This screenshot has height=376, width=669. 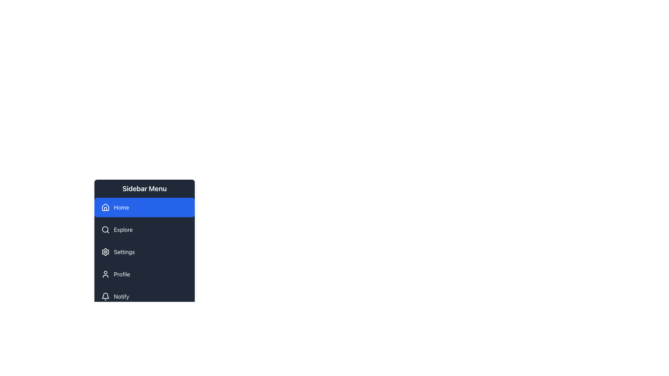 What do you see at coordinates (144, 252) in the screenshot?
I see `the 'Settings' menu item in the sidebar, which is the third item in a vertical list, to trigger focus or styling changes` at bounding box center [144, 252].